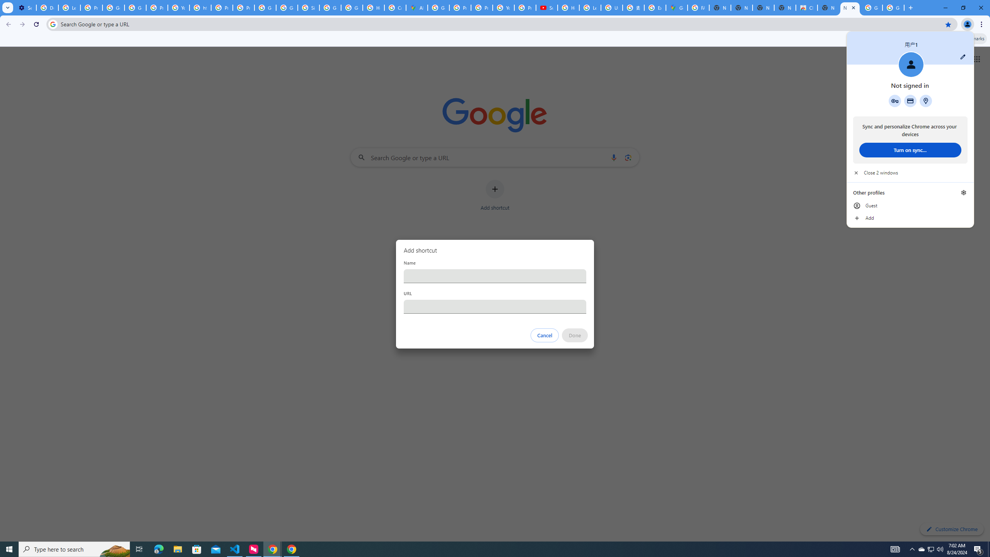 The image size is (990, 557). I want to click on 'Action Center, 5 new notifications', so click(978, 548).